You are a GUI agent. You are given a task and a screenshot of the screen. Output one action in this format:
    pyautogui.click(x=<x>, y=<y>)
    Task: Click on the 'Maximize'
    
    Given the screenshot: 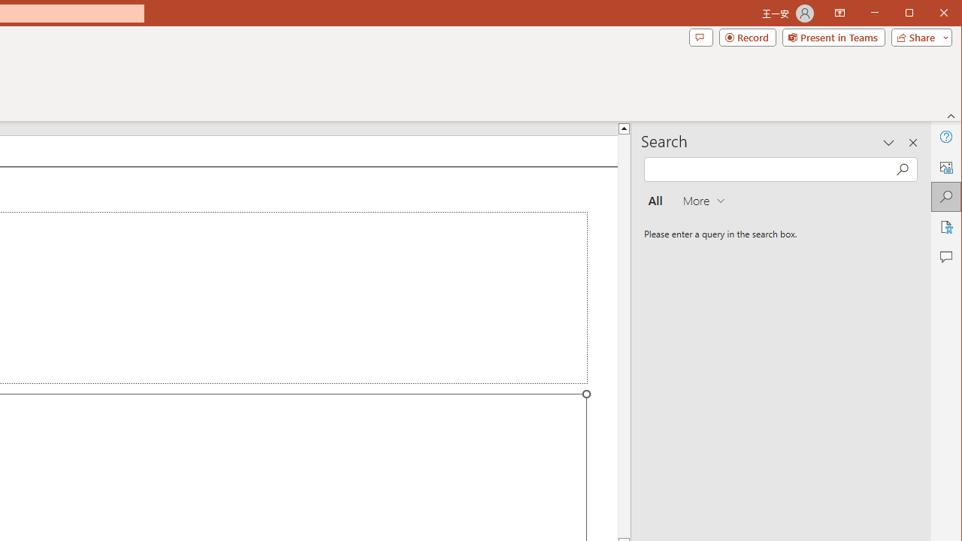 What is the action you would take?
    pyautogui.click(x=930, y=14)
    